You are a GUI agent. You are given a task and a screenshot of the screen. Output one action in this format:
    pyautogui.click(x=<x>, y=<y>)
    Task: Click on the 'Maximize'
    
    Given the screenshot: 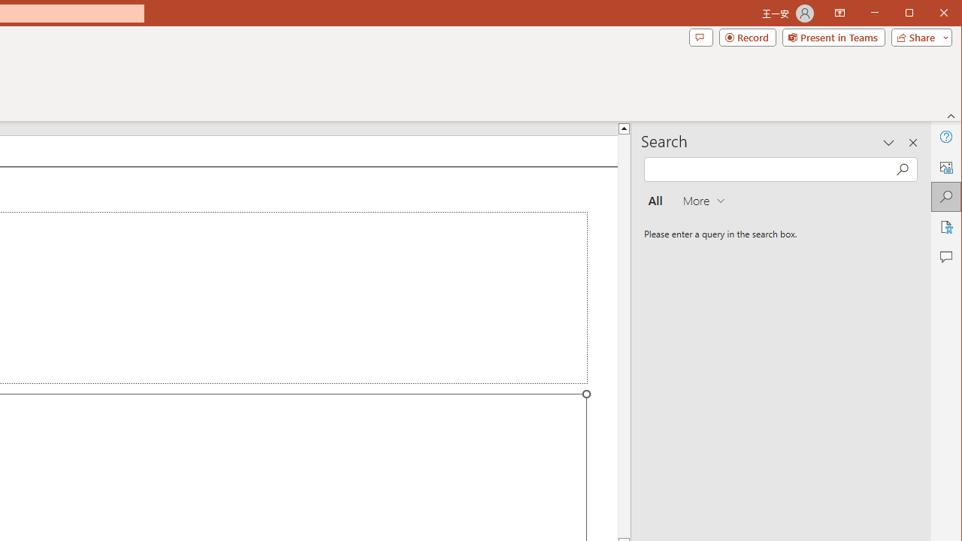 What is the action you would take?
    pyautogui.click(x=930, y=14)
    